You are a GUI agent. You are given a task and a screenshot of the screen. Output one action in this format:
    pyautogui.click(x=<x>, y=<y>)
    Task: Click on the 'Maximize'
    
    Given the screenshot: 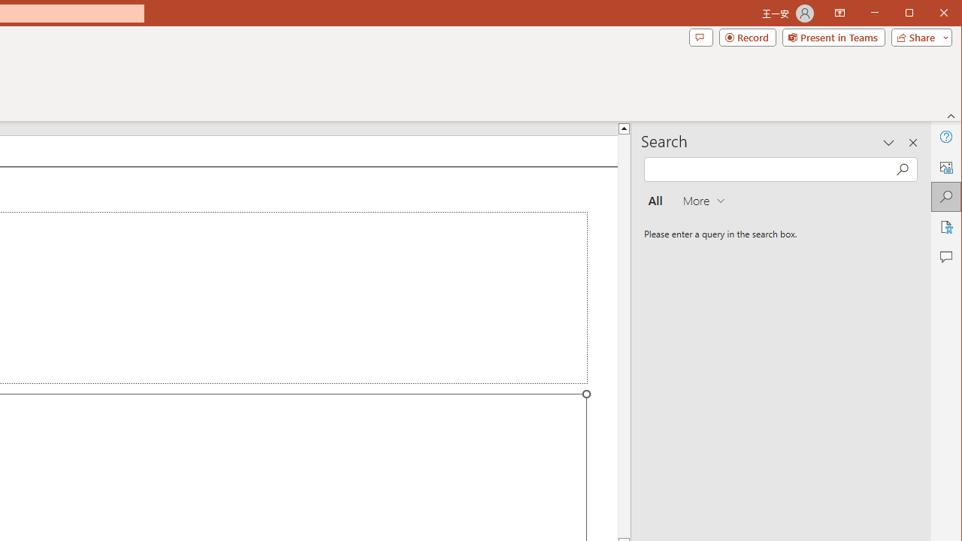 What is the action you would take?
    pyautogui.click(x=930, y=14)
    